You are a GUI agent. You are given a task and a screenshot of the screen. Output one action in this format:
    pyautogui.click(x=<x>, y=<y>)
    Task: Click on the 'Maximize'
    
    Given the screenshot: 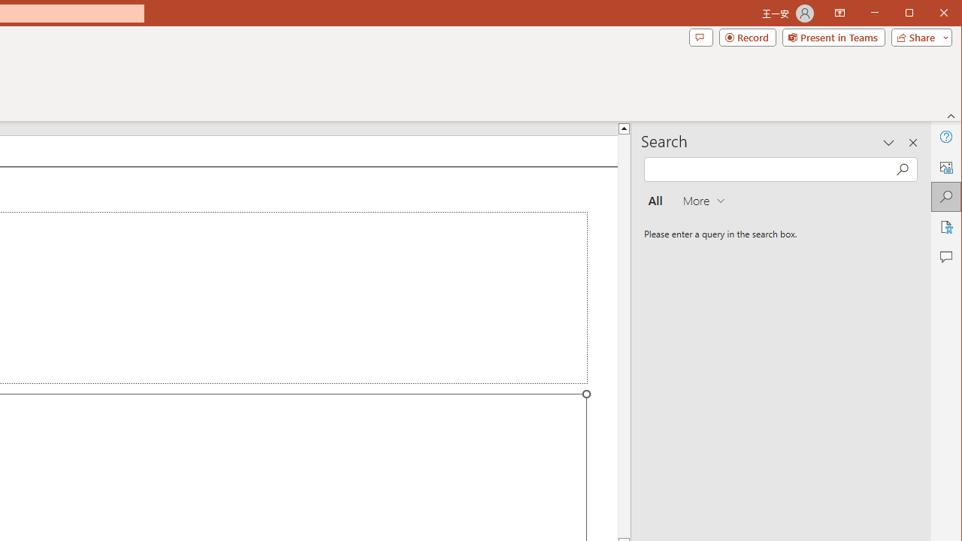 What is the action you would take?
    pyautogui.click(x=930, y=14)
    